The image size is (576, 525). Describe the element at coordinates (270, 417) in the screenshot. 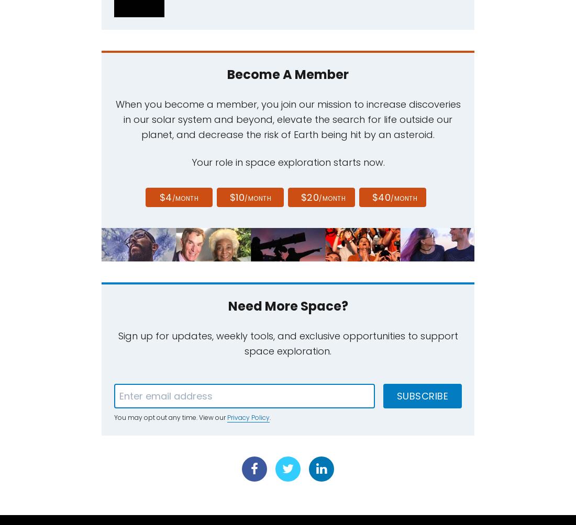

I see `'.'` at that location.